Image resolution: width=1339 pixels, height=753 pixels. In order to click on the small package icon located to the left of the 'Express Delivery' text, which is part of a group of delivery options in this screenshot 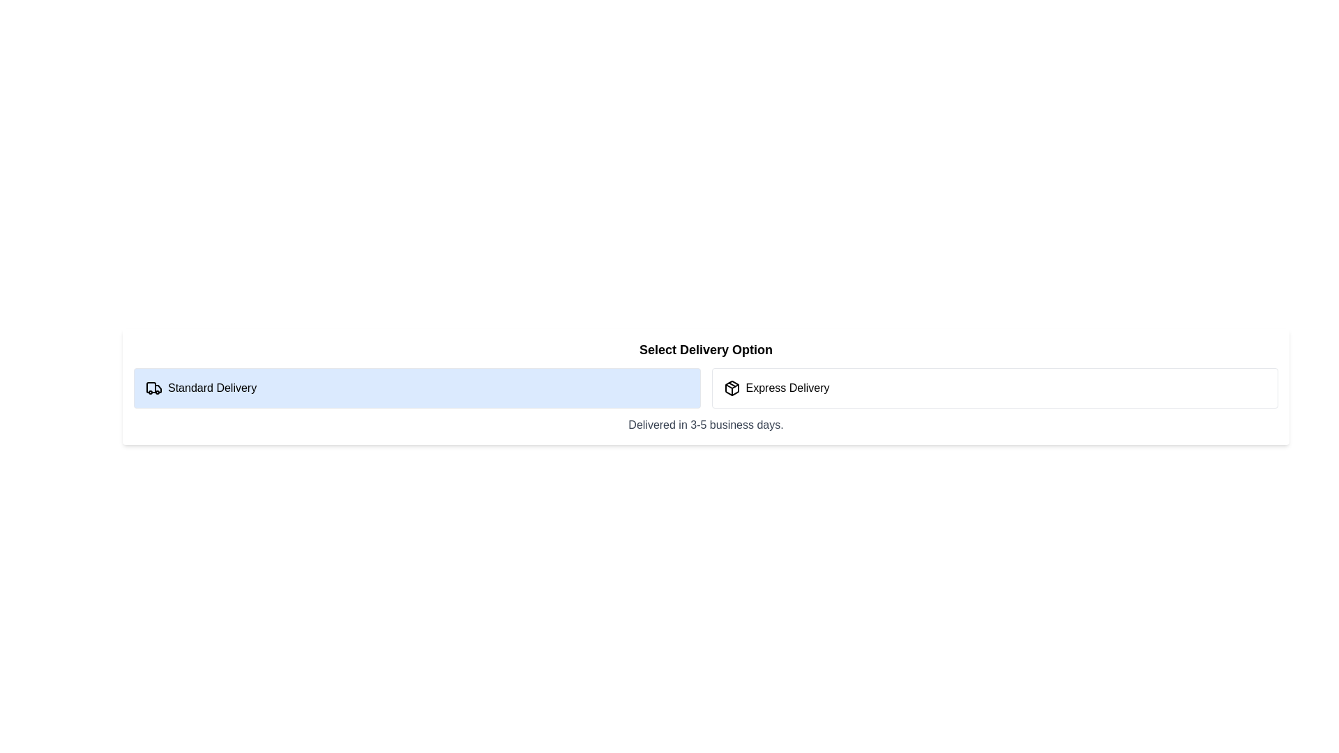, I will do `click(731, 388)`.